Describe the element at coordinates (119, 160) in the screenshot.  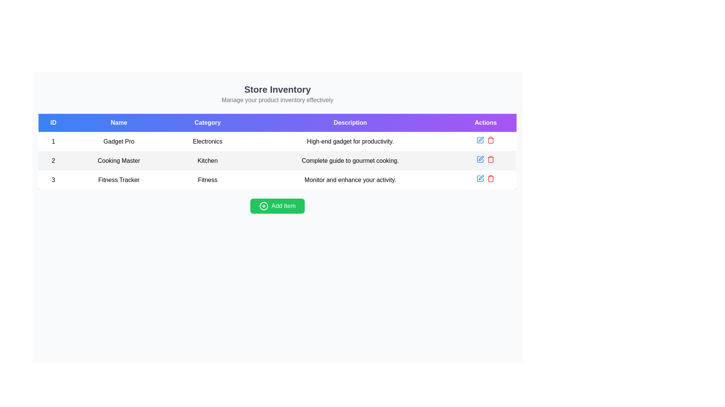
I see `the text label displaying 'Cooking Master' which is the title in bold, black text, centered in the second column of the second row of a table` at that location.